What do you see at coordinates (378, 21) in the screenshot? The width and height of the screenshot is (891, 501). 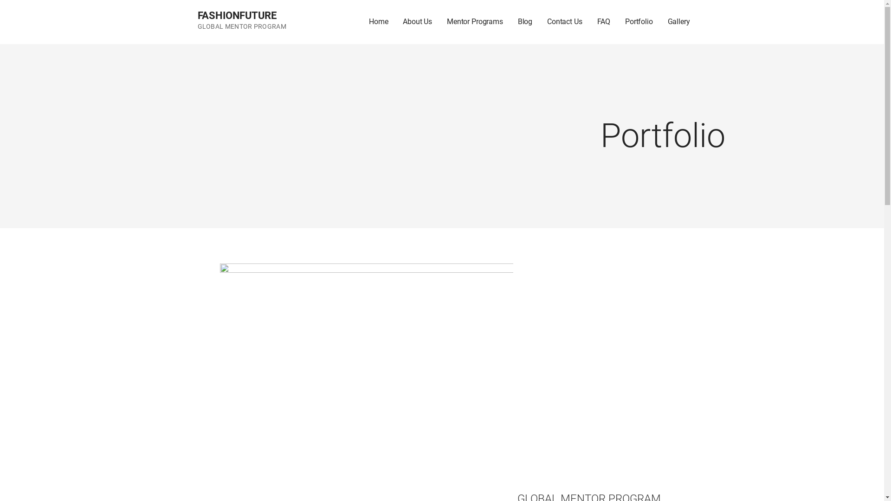 I see `'Home'` at bounding box center [378, 21].